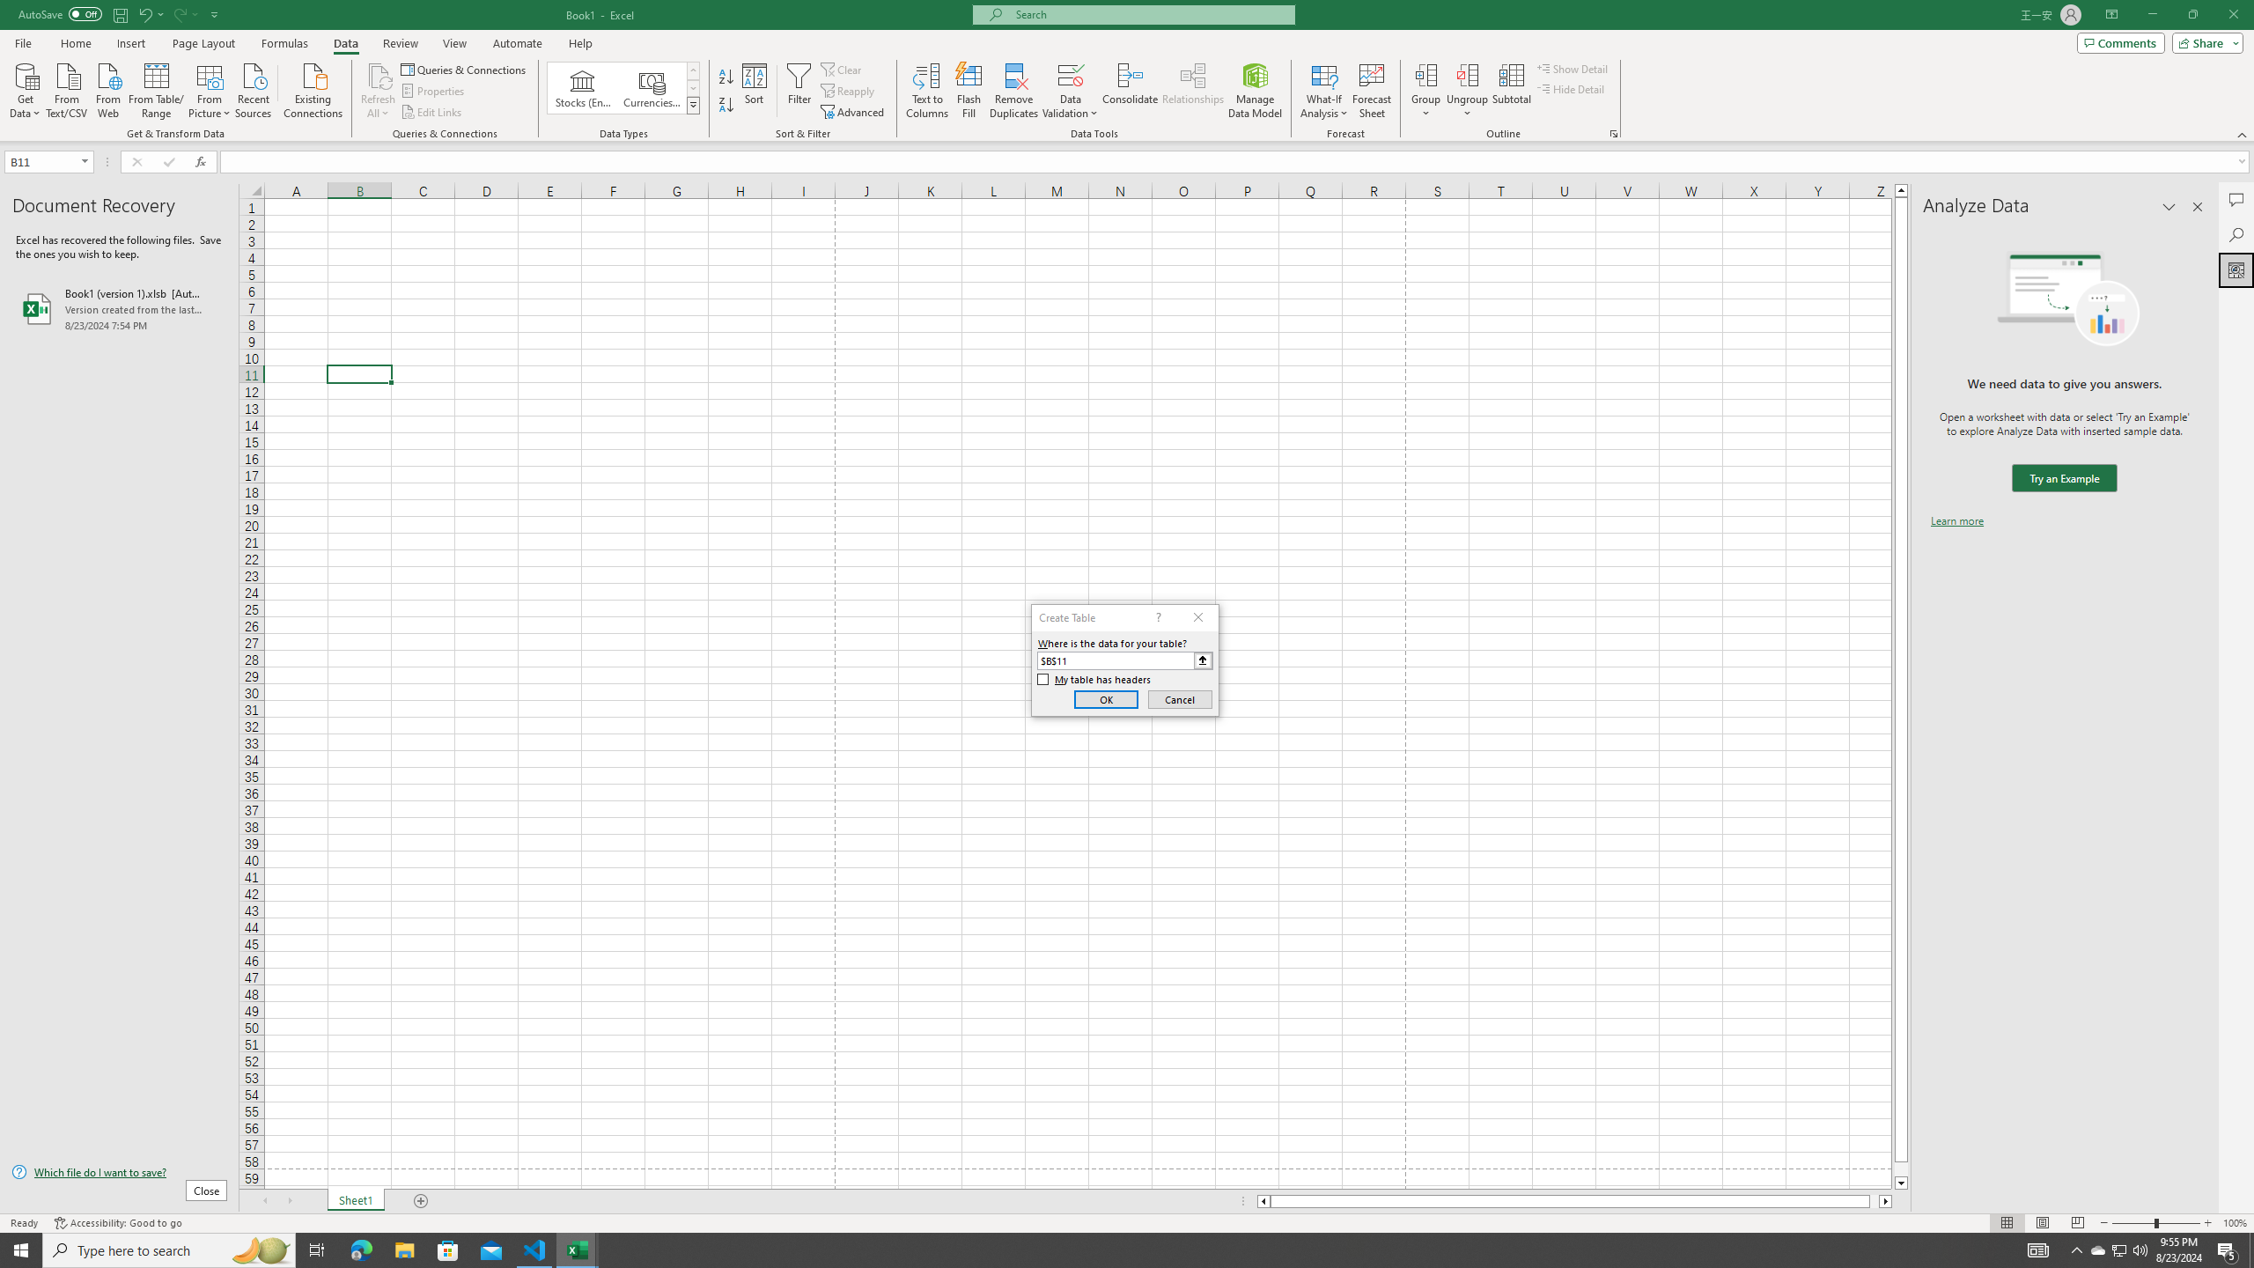  I want to click on 'Sort...', so click(754, 91).